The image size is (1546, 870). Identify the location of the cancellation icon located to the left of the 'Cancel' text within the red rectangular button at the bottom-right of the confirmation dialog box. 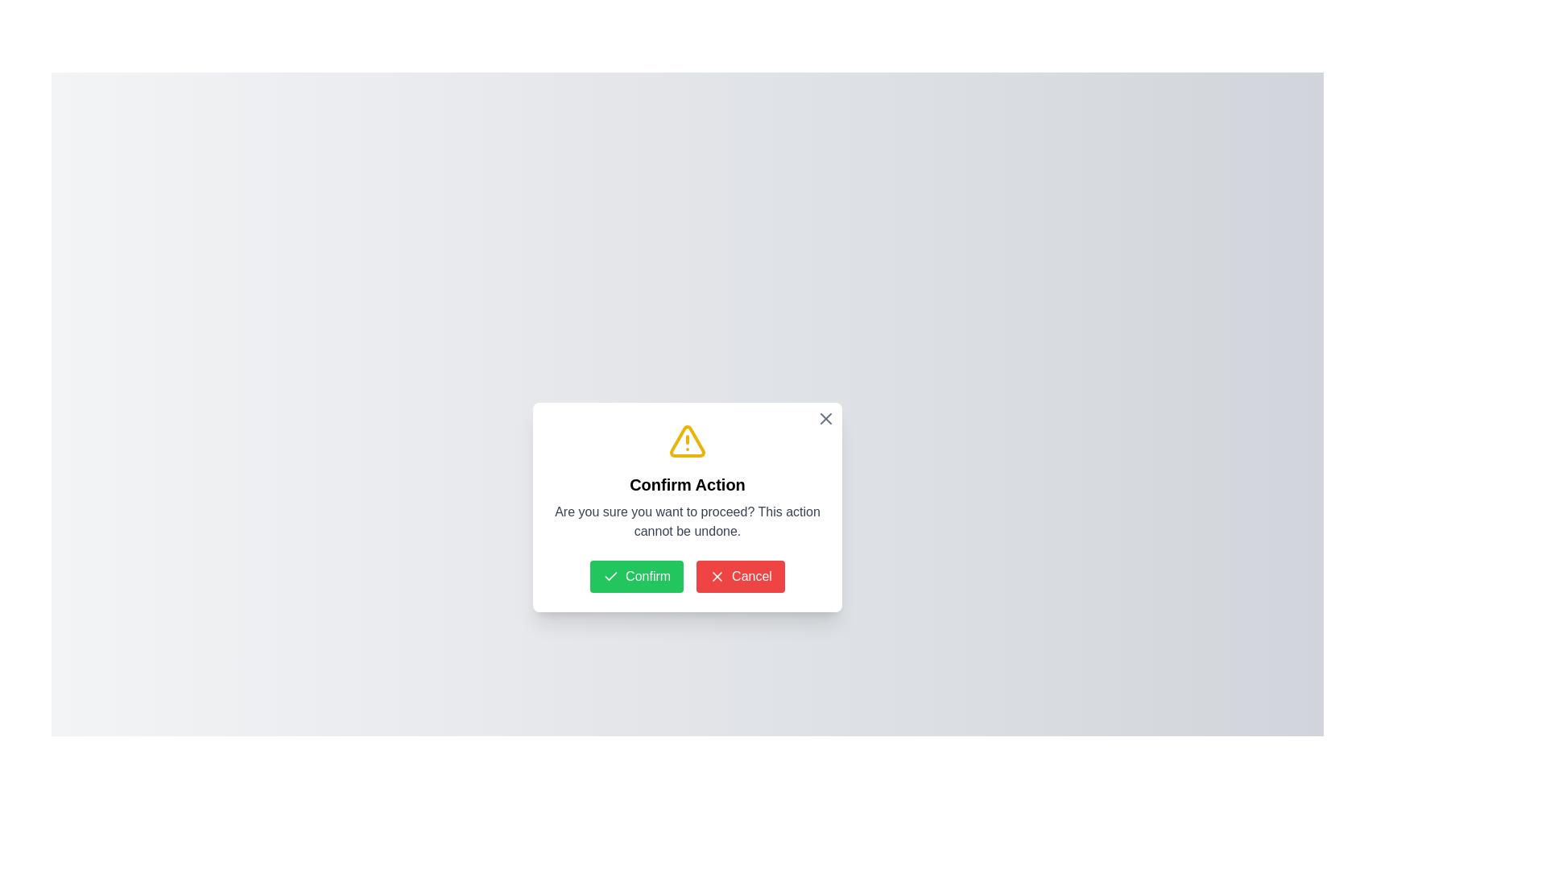
(717, 576).